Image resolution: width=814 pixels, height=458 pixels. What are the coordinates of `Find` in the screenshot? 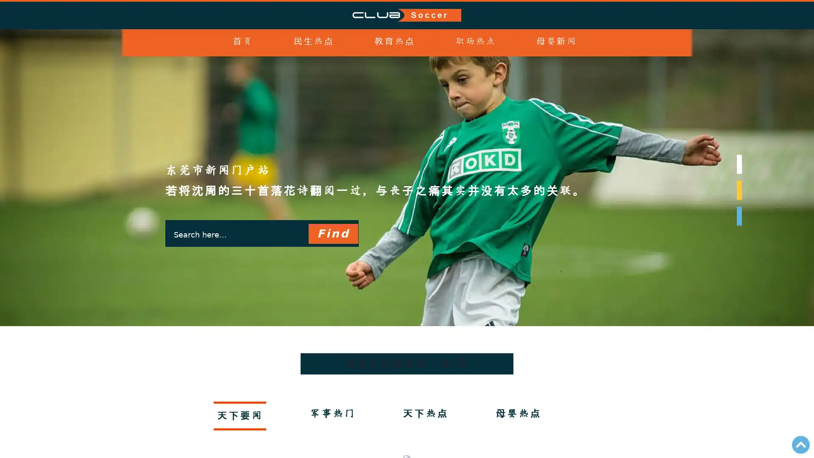 It's located at (332, 249).